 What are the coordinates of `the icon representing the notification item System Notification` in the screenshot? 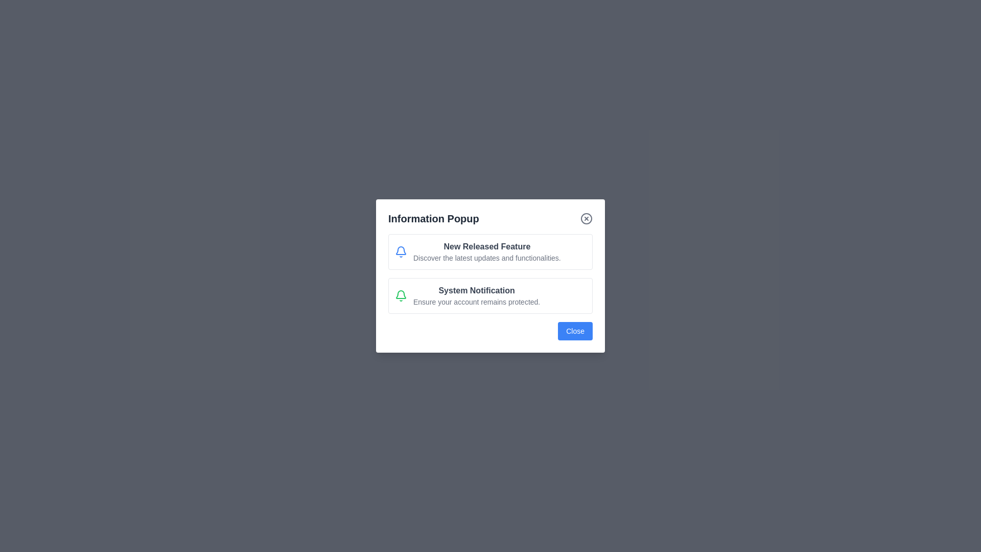 It's located at (401, 295).